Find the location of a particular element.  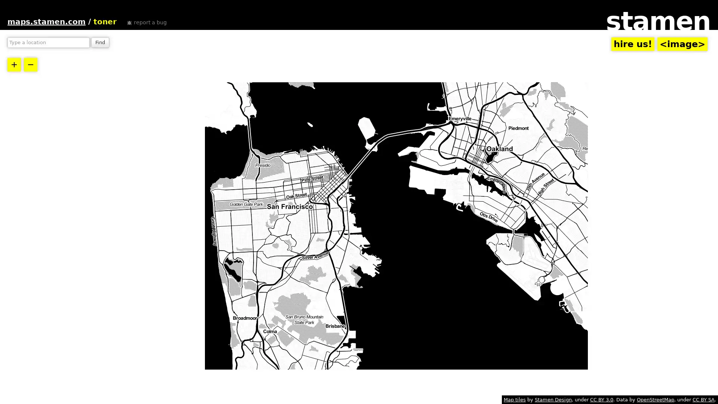

Find is located at coordinates (100, 43).